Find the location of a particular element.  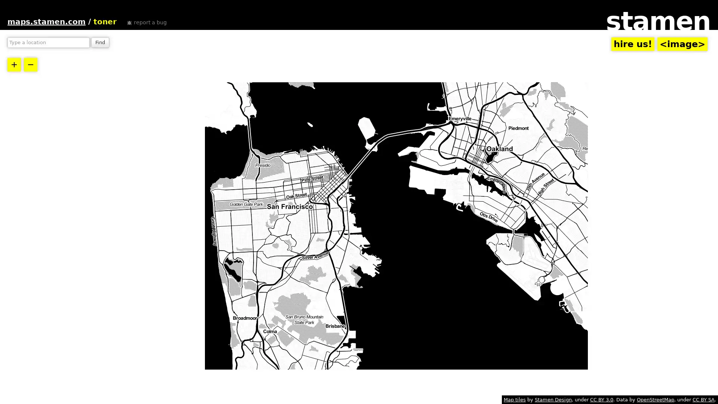

Find is located at coordinates (100, 43).